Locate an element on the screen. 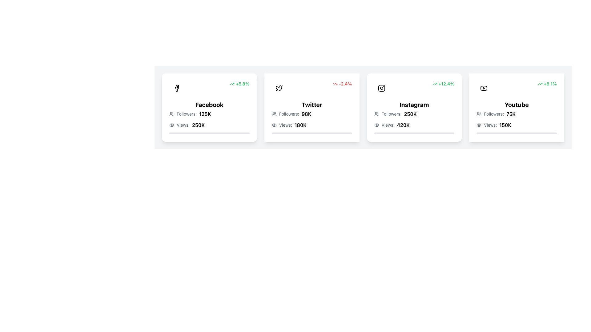 Image resolution: width=591 pixels, height=332 pixels. text label displaying 'Views:' in gray color located in the second card from the left, positioned towards the bottom section preceding the views count '180K' is located at coordinates (285, 125).